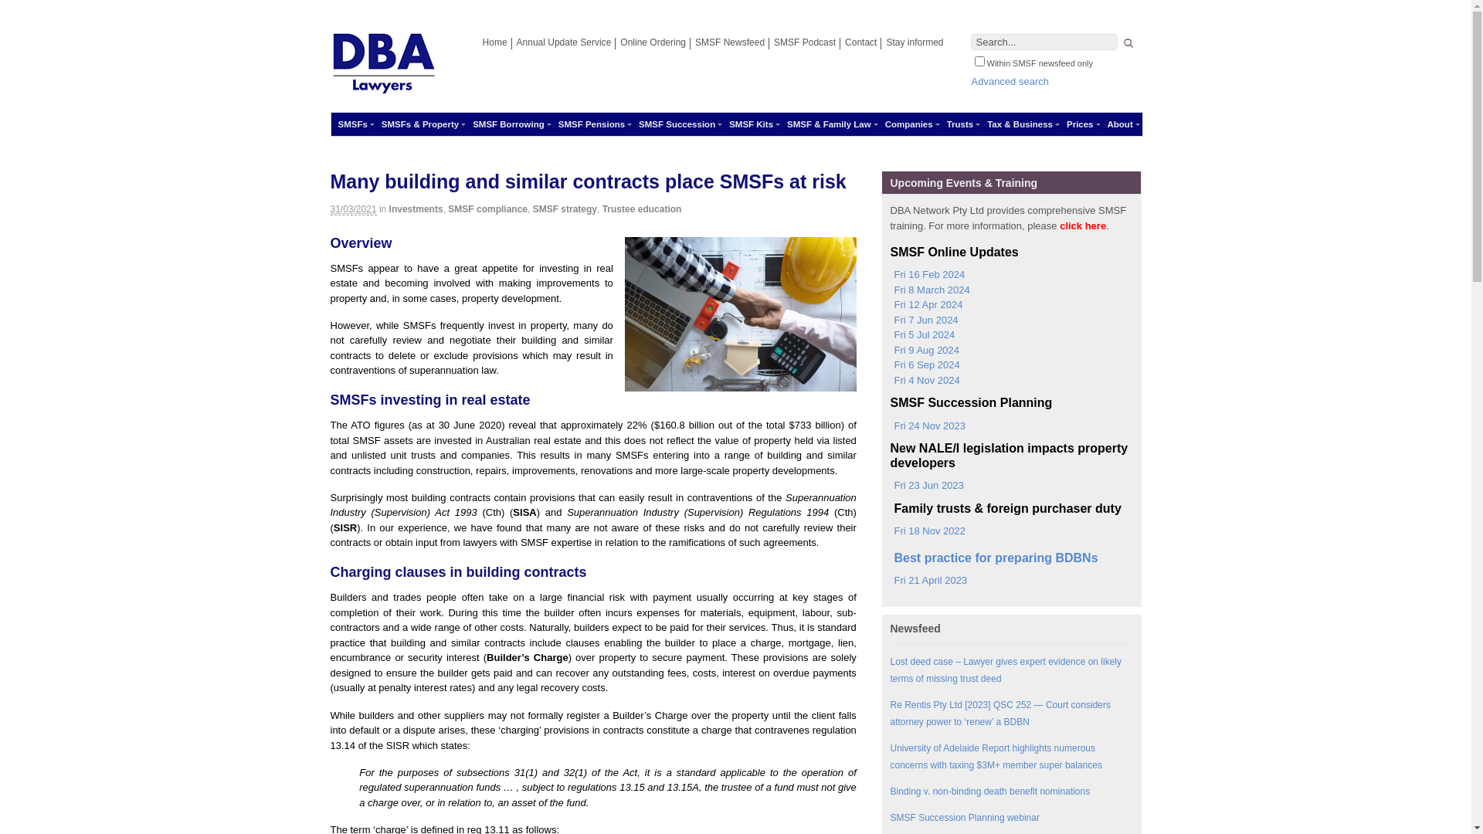 Image resolution: width=1483 pixels, height=834 pixels. Describe the element at coordinates (495, 42) in the screenshot. I see `'Home'` at that location.